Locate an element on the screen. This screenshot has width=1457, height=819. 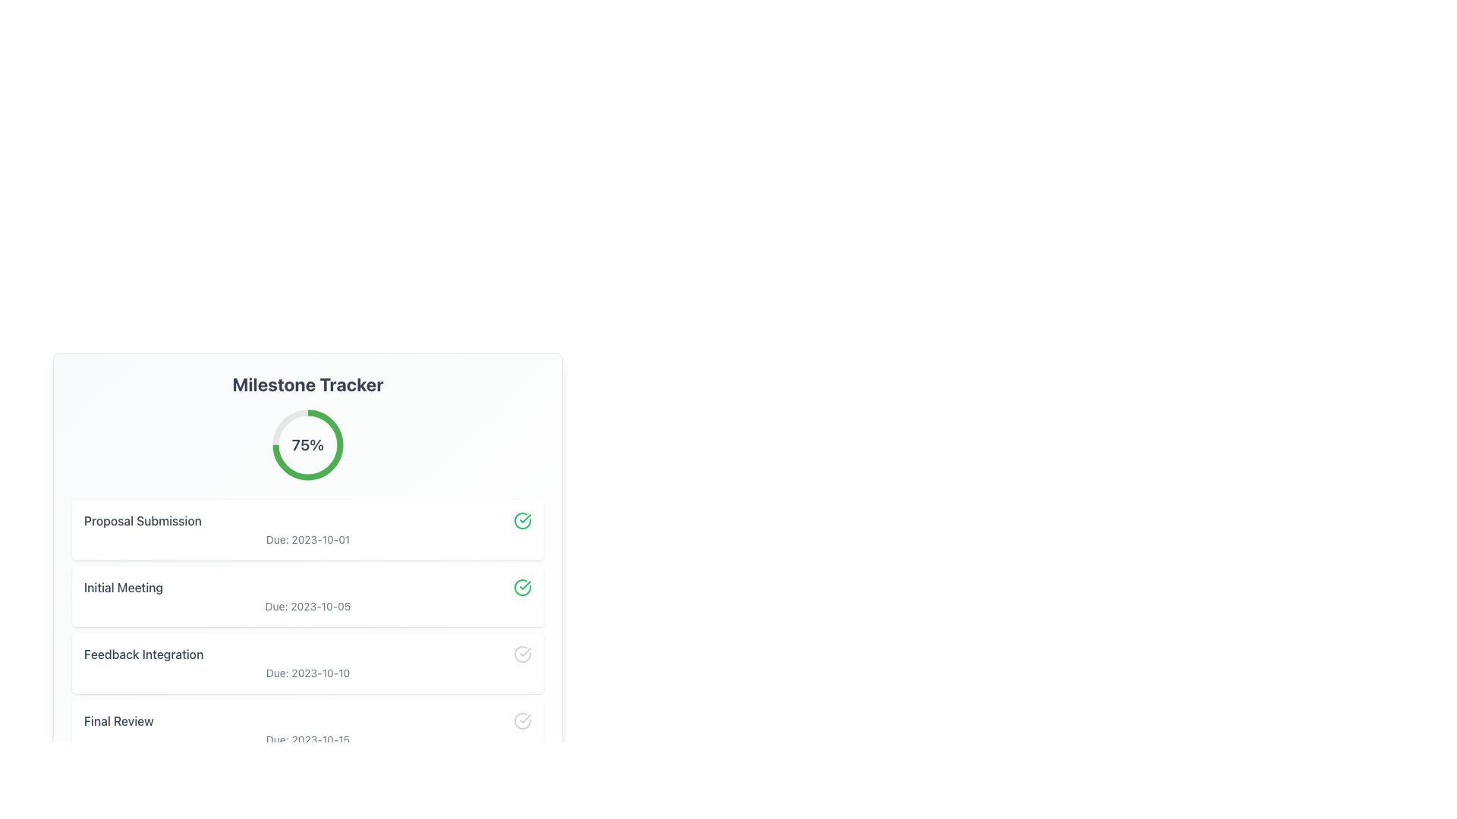
the List Item titled 'Feedback Integration' which has a white background, rounded corners, and contains the due date 'Due: 2023-10-10' is located at coordinates (307, 663).